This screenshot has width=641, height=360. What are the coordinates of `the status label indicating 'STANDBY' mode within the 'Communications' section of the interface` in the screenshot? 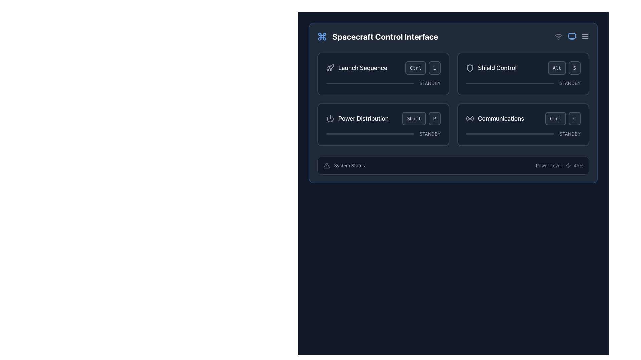 It's located at (570, 134).